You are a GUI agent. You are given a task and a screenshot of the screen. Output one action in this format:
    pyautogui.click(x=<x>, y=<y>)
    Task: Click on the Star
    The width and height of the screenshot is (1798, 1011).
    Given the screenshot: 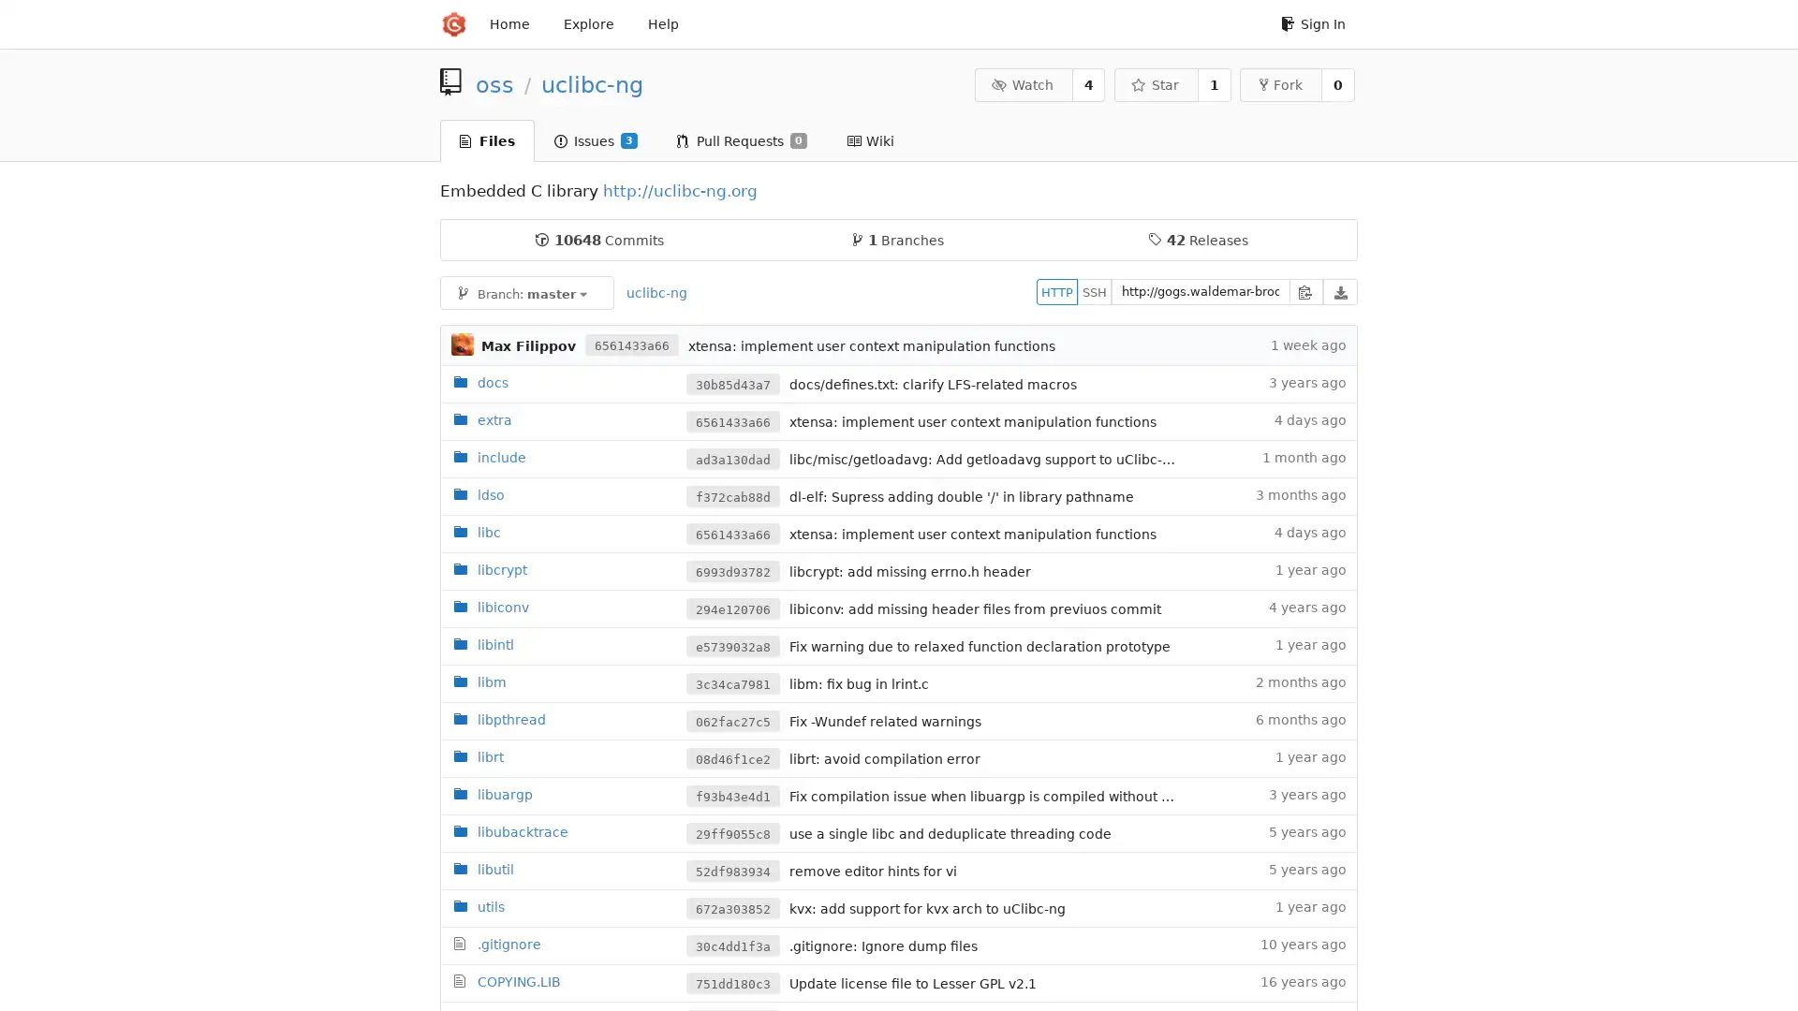 What is the action you would take?
    pyautogui.click(x=1155, y=85)
    